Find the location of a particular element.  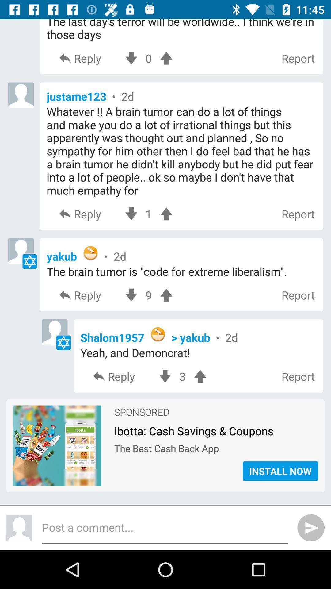

the icon above whatever a brain is located at coordinates (181, 96).